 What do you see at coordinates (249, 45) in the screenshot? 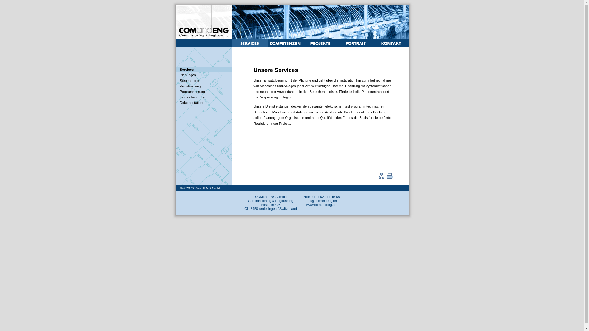
I see `'Unsere Services'` at bounding box center [249, 45].